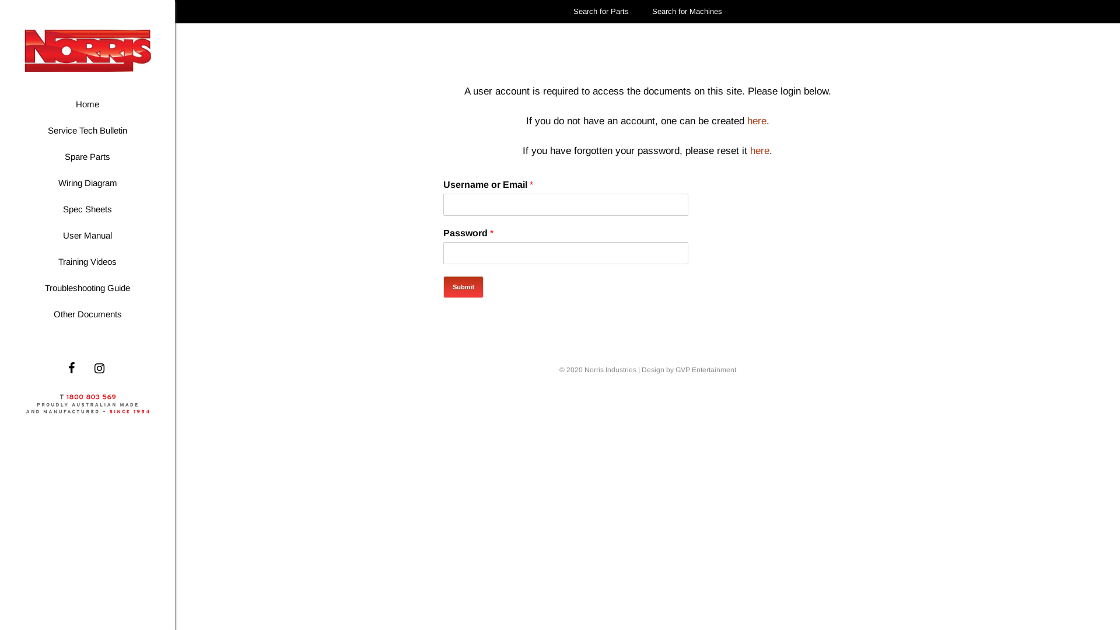 This screenshot has width=1120, height=630. I want to click on 'Submit', so click(463, 287).